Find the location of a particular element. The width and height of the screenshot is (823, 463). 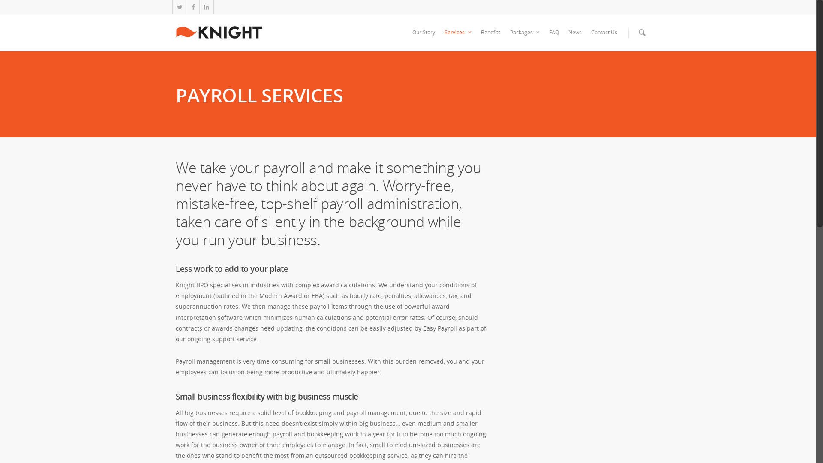

'Contact Us' is located at coordinates (604, 38).